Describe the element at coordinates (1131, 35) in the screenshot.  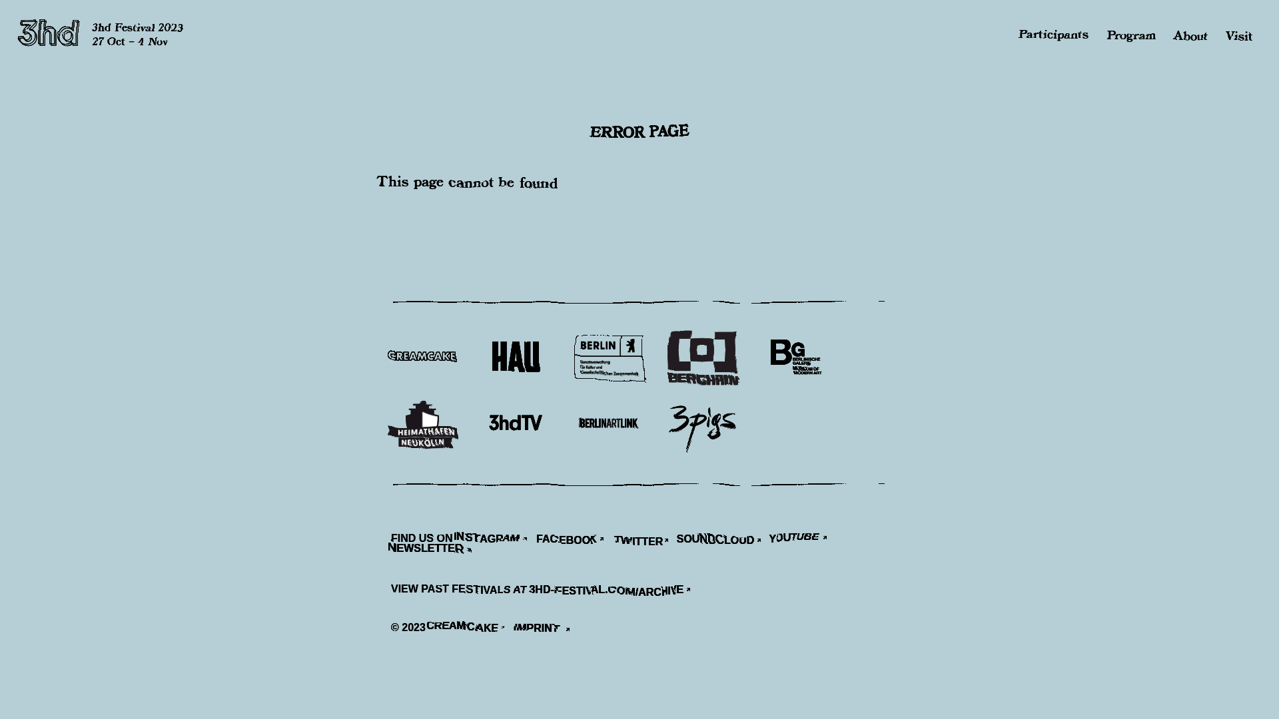
I see `'Program'` at that location.